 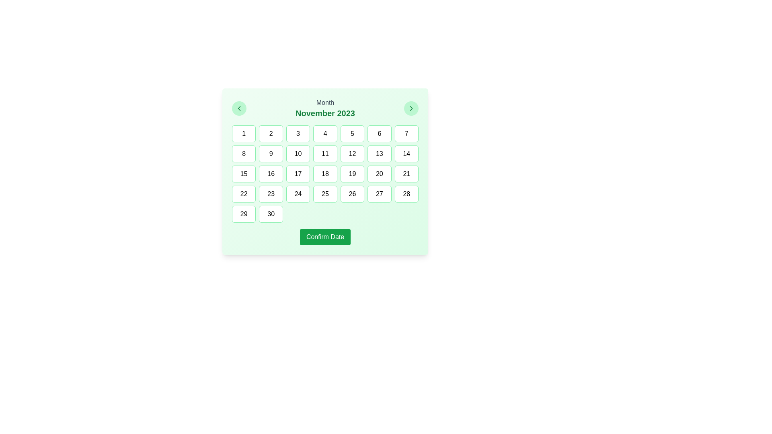 I want to click on the button, so click(x=411, y=108).